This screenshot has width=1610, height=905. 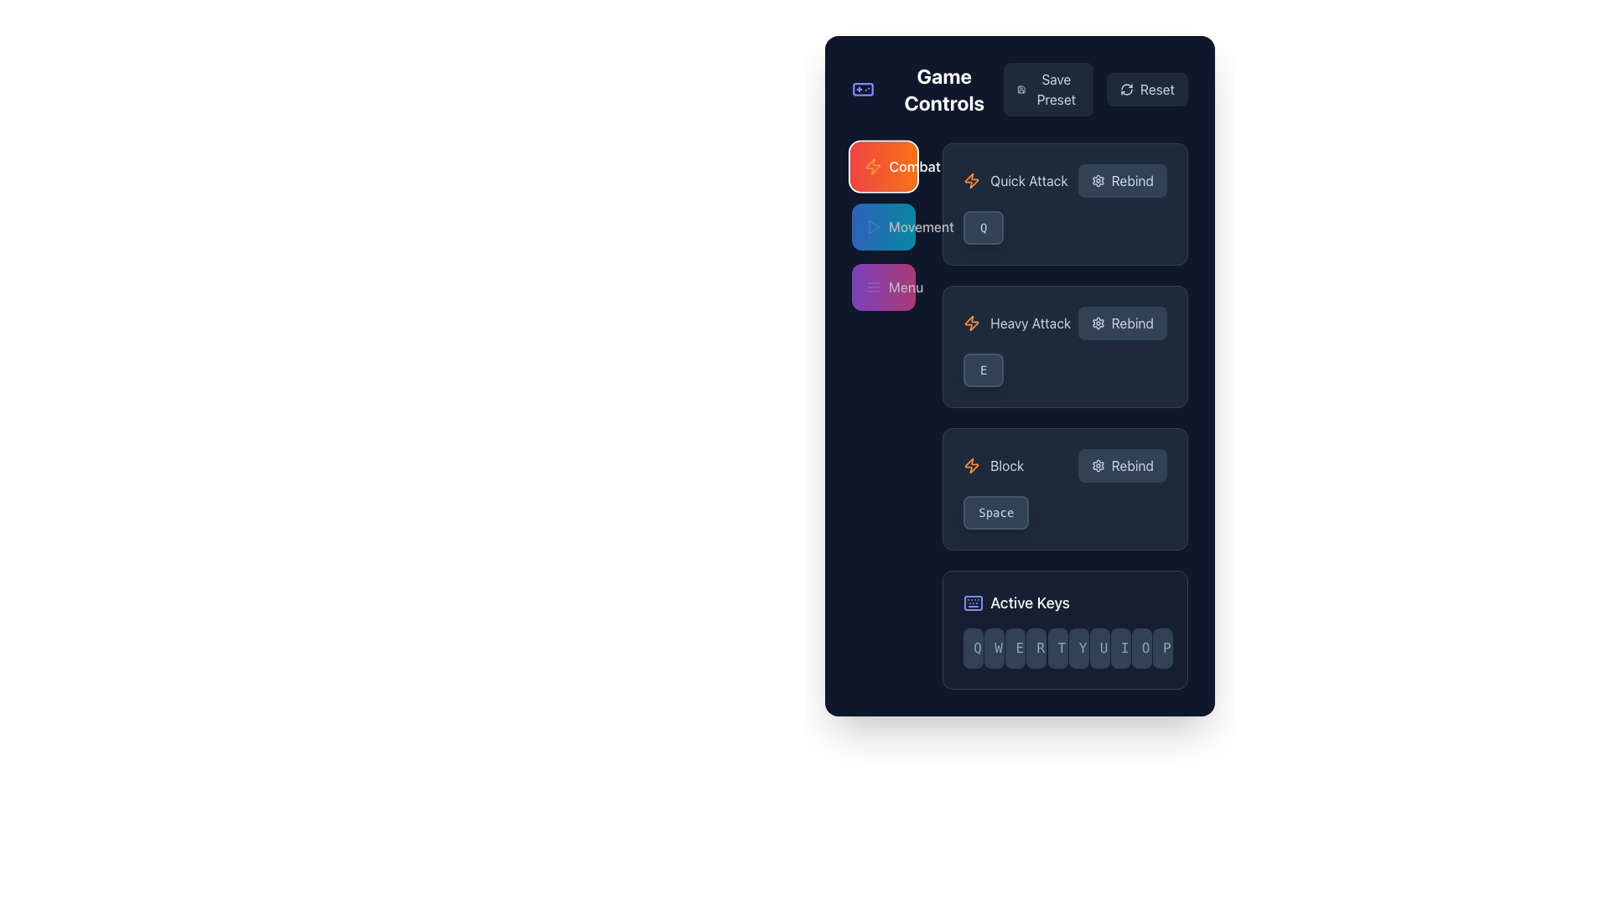 What do you see at coordinates (1122, 323) in the screenshot?
I see `the 'Rebind' button with a gear icon, located below the 'Heavy Attack' label, to rebind the control` at bounding box center [1122, 323].